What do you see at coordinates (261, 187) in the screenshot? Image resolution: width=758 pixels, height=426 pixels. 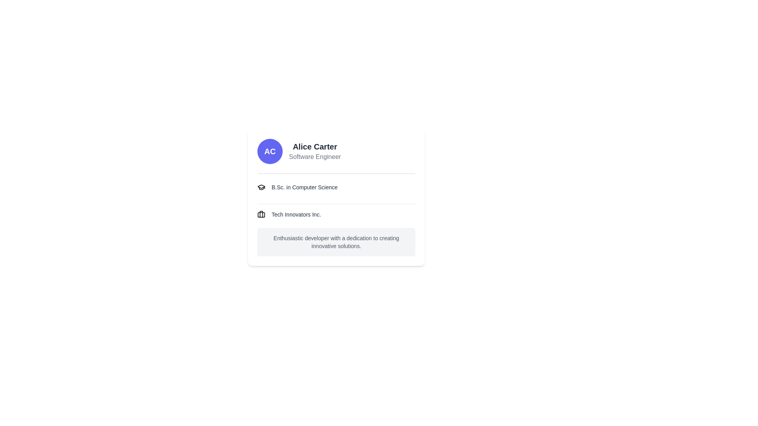 I see `the small black vector graphic icon of a graduation cap, which is positioned at the far left of the row containing the text 'B.Sc. in Computer Science'` at bounding box center [261, 187].